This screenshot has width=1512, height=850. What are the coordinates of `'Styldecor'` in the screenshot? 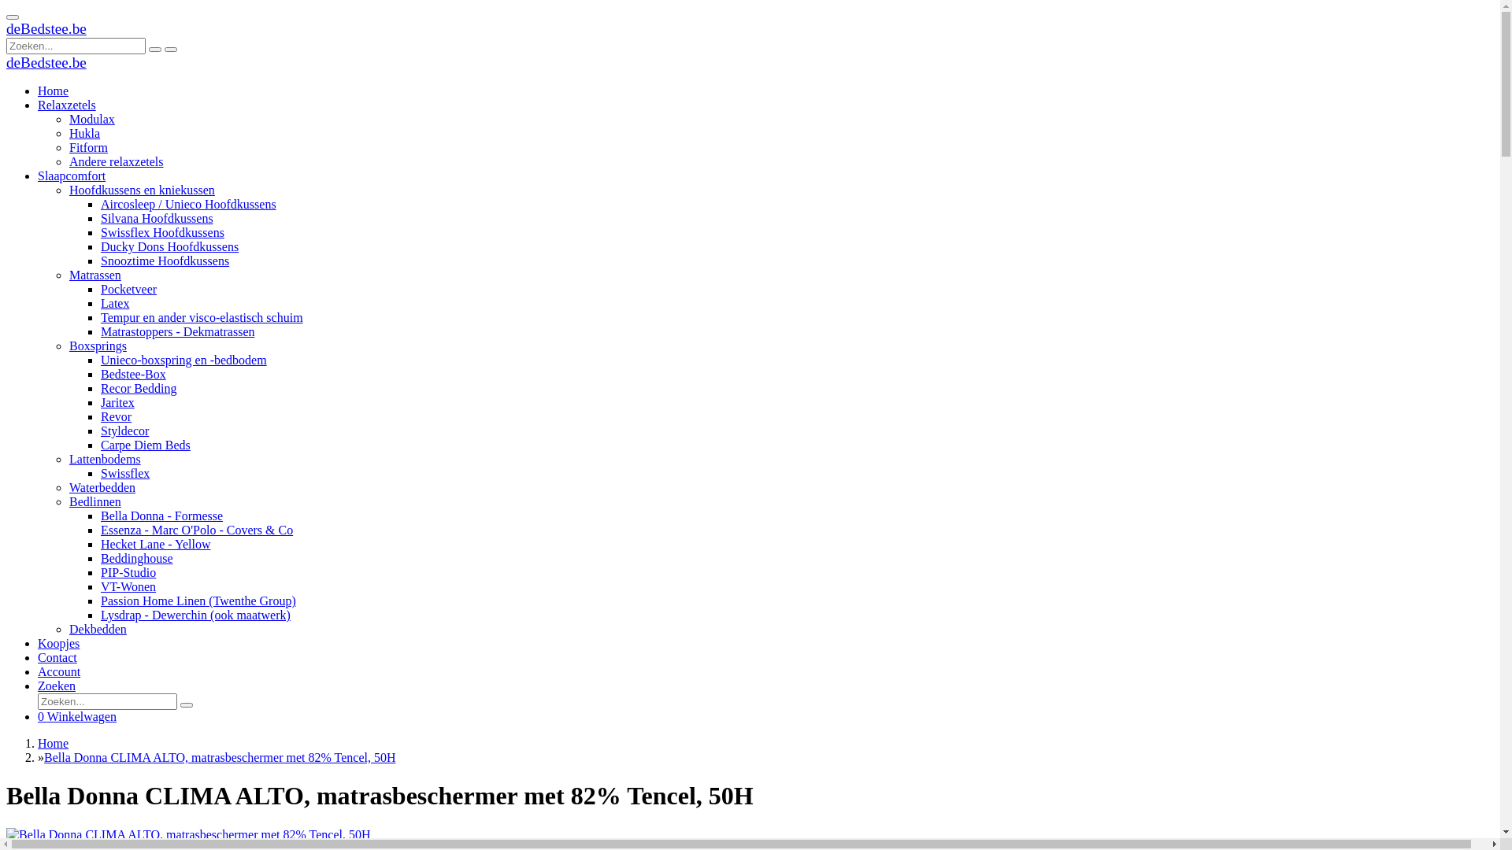 It's located at (124, 431).